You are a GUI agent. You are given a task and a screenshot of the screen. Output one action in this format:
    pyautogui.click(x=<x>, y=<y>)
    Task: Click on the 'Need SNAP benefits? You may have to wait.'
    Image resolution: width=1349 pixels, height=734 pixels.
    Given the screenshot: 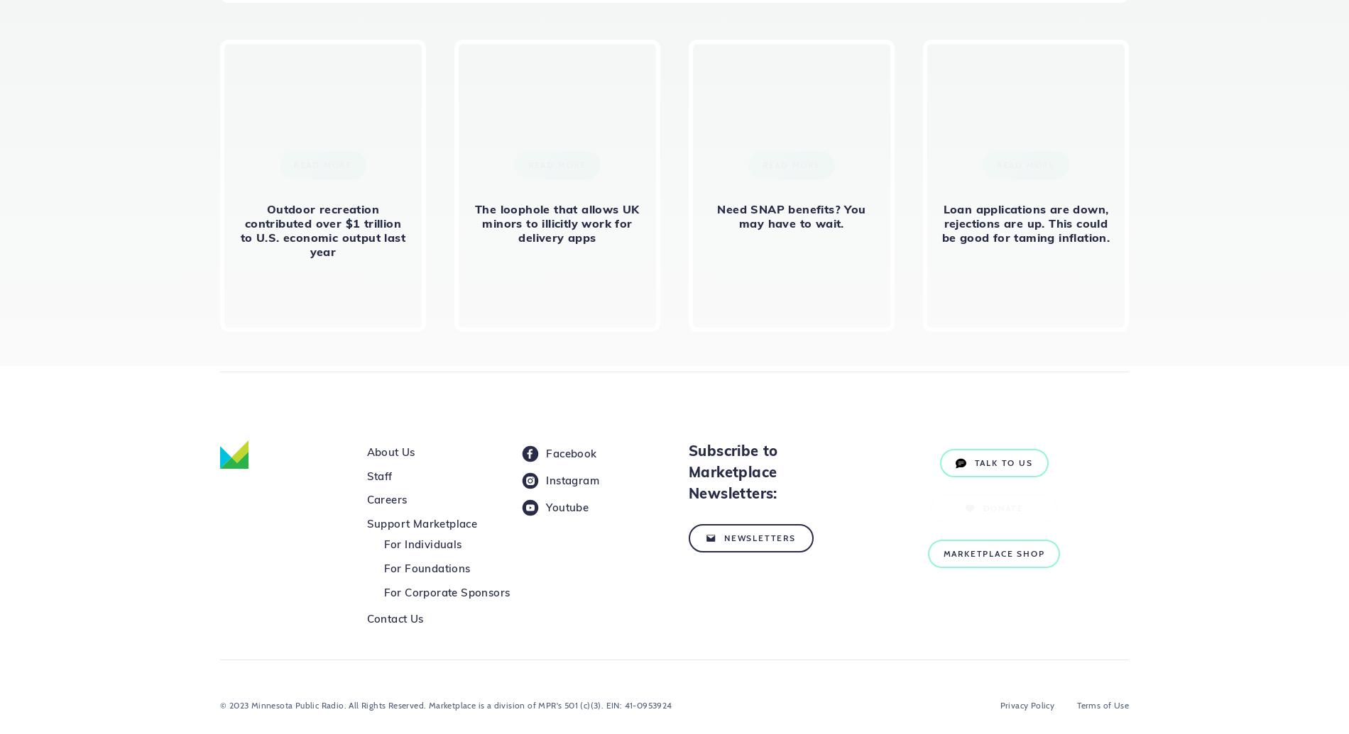 What is the action you would take?
    pyautogui.click(x=791, y=216)
    